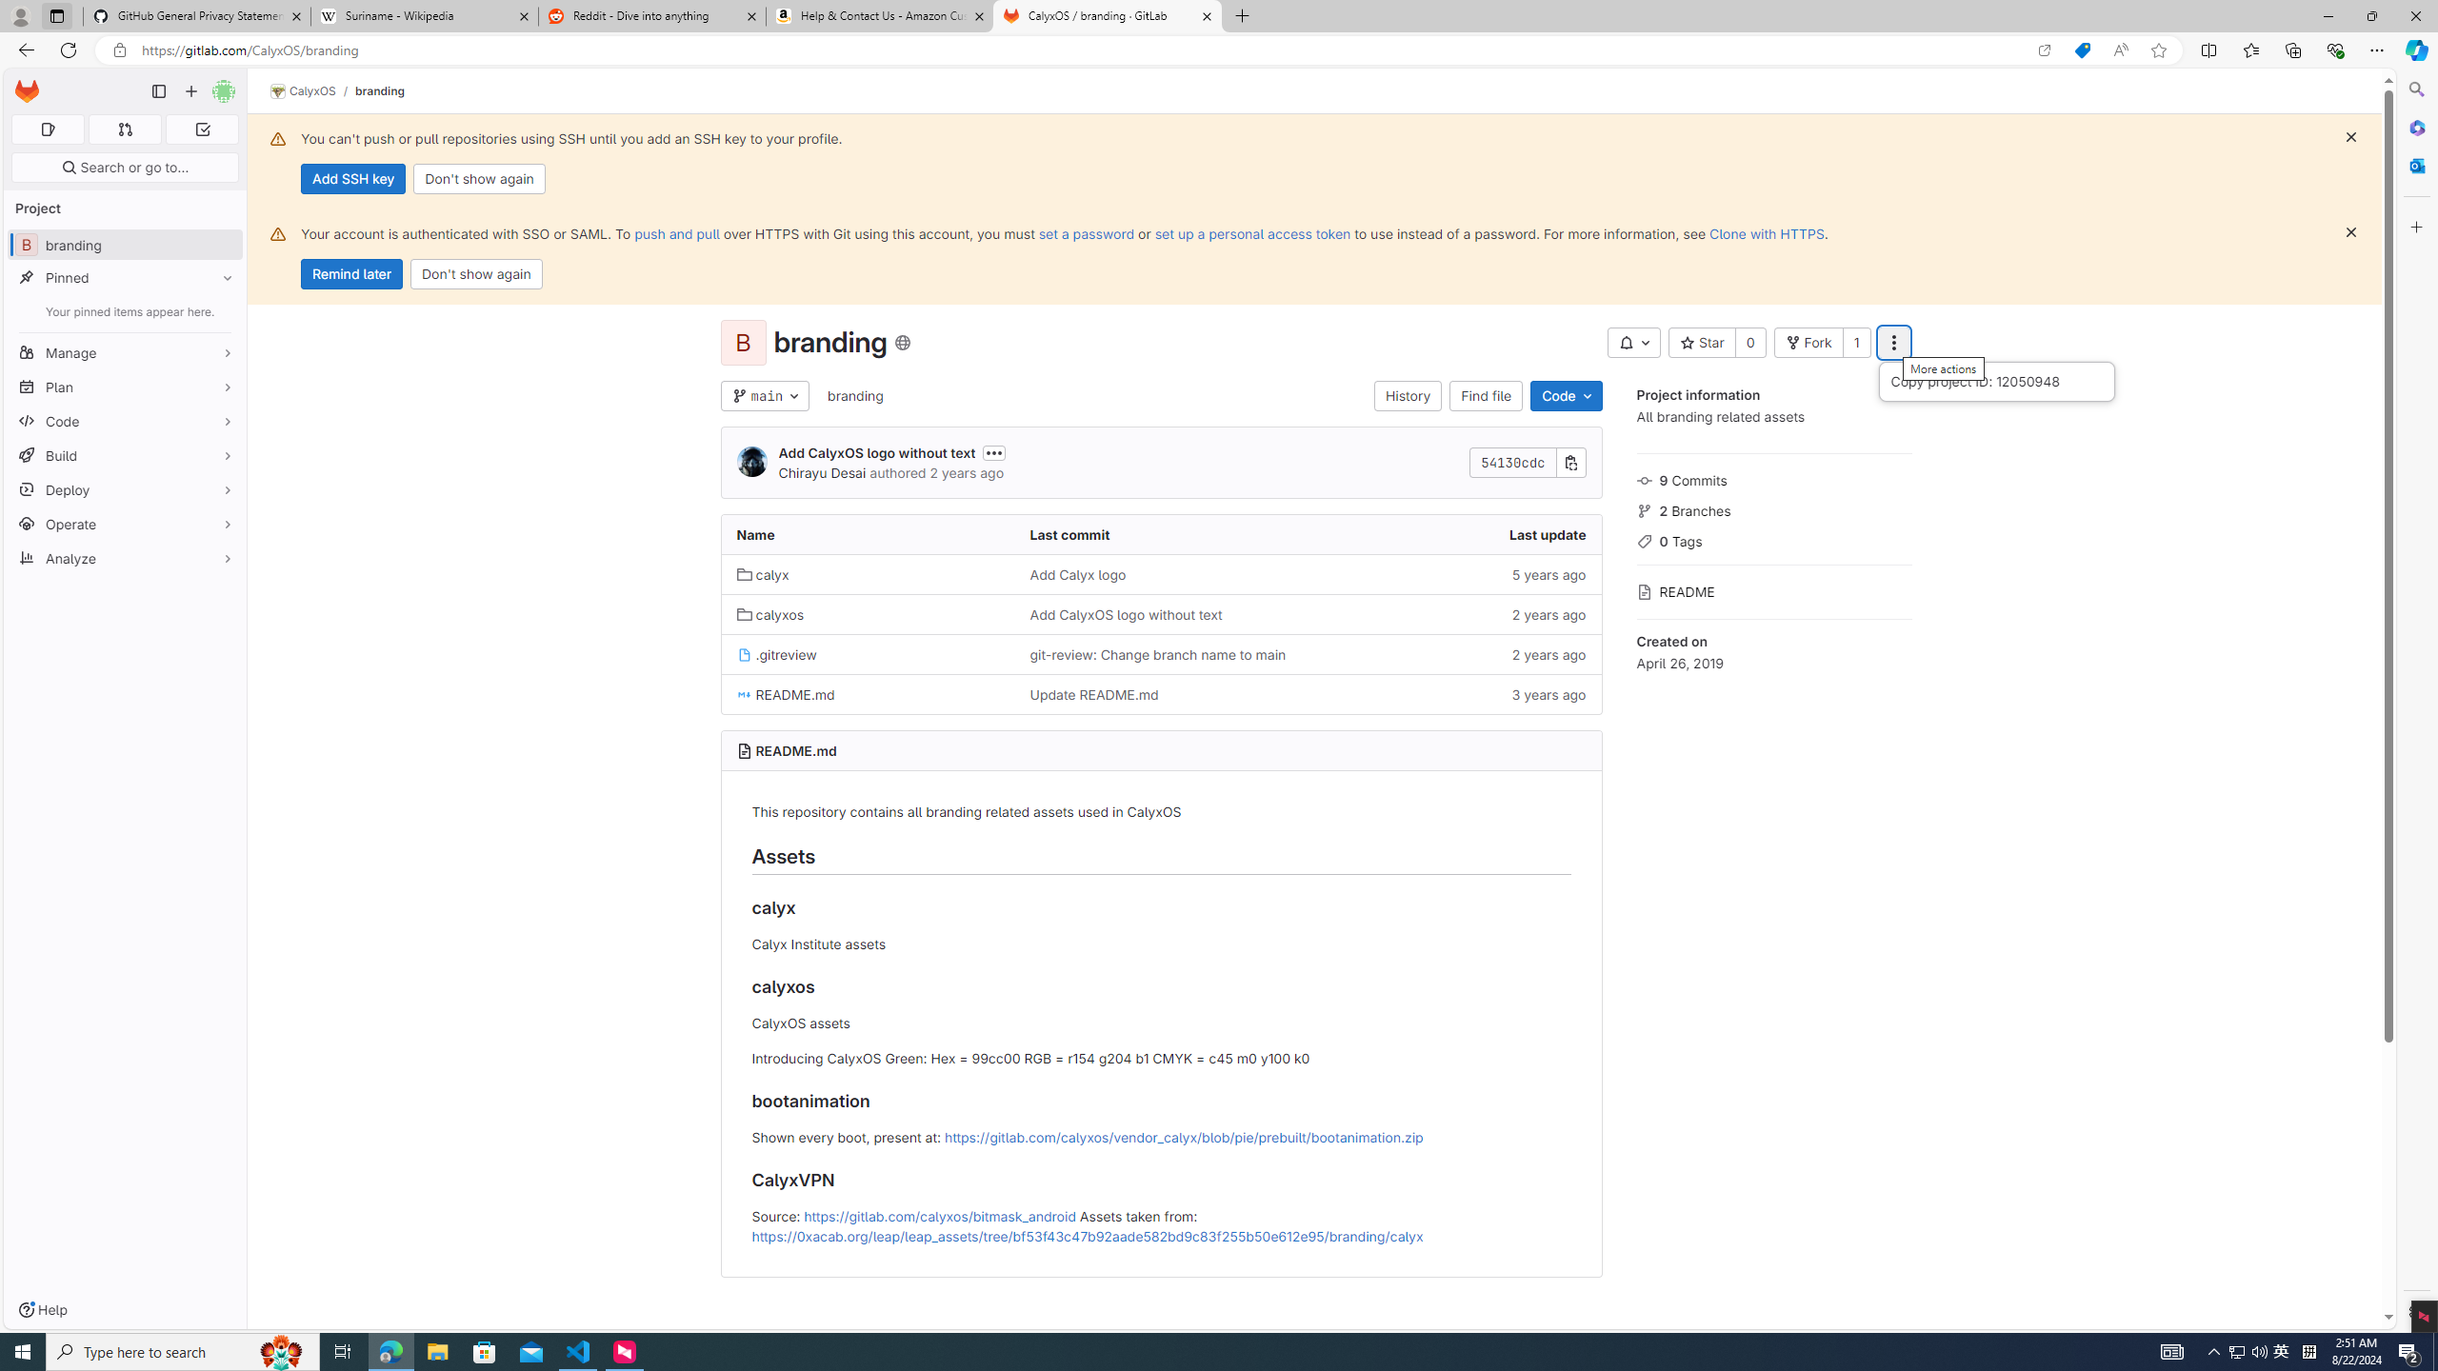  I want to click on 'set up a personal access token', so click(1250, 233).